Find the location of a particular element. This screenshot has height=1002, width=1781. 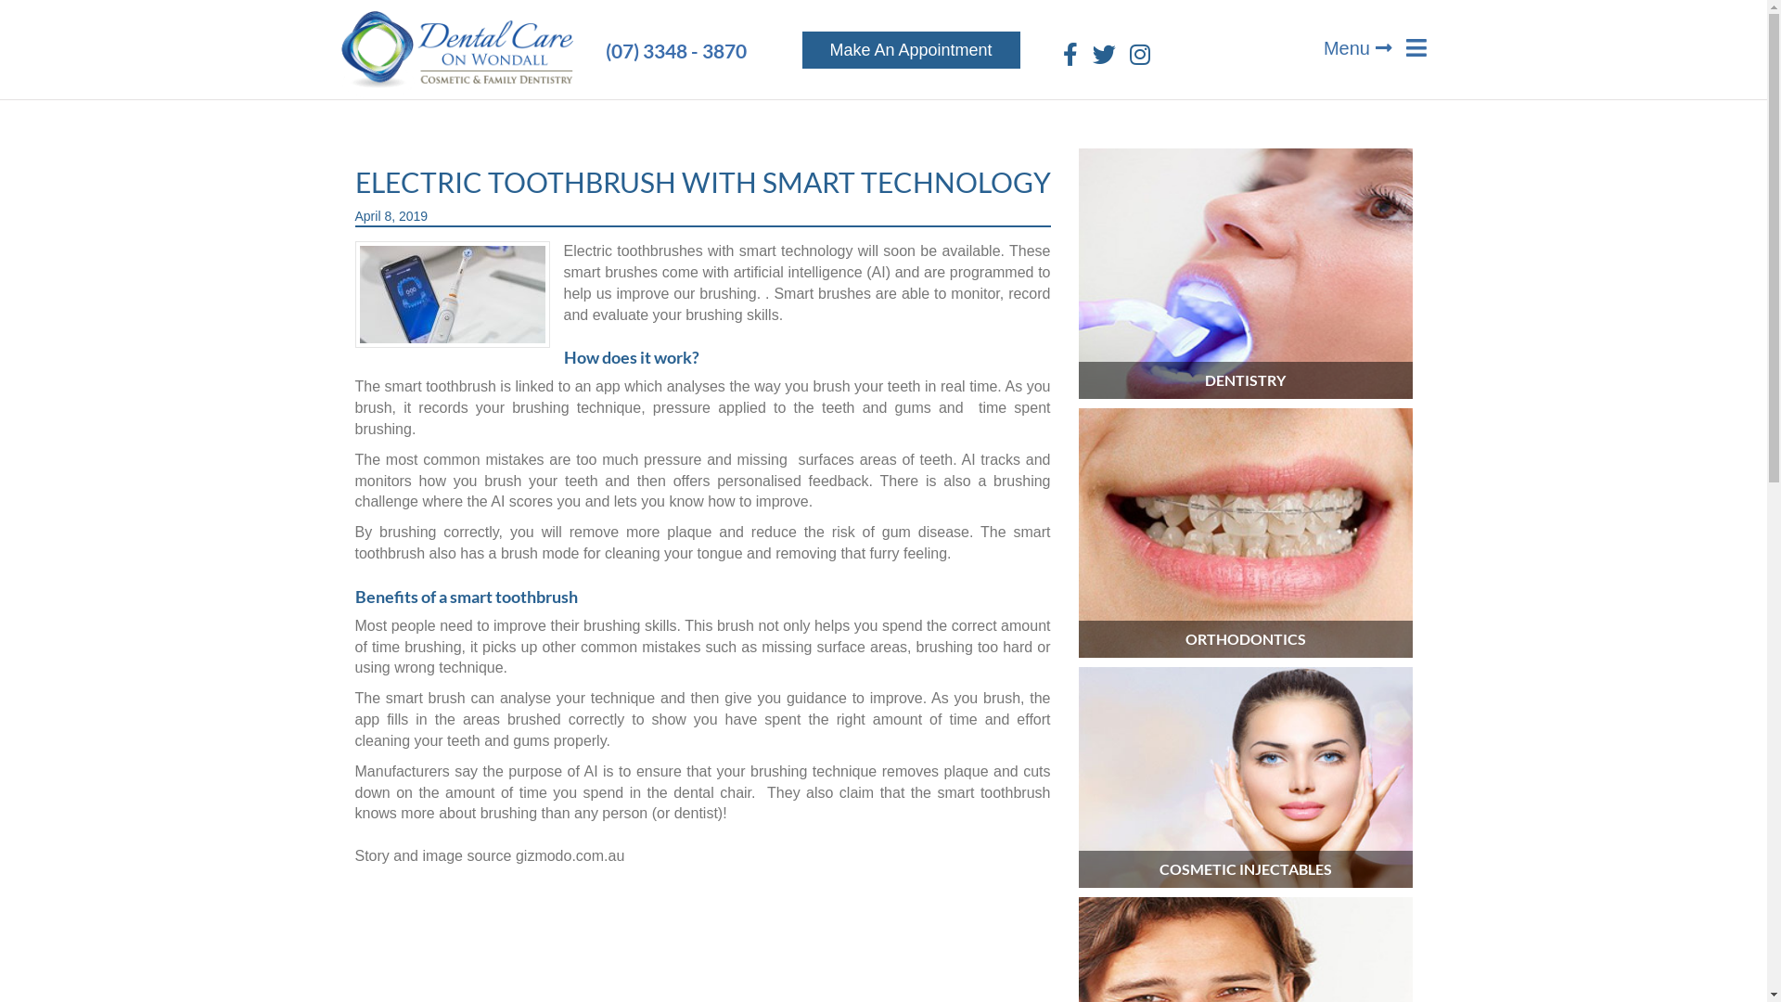

'Twitter' is located at coordinates (1086, 53).